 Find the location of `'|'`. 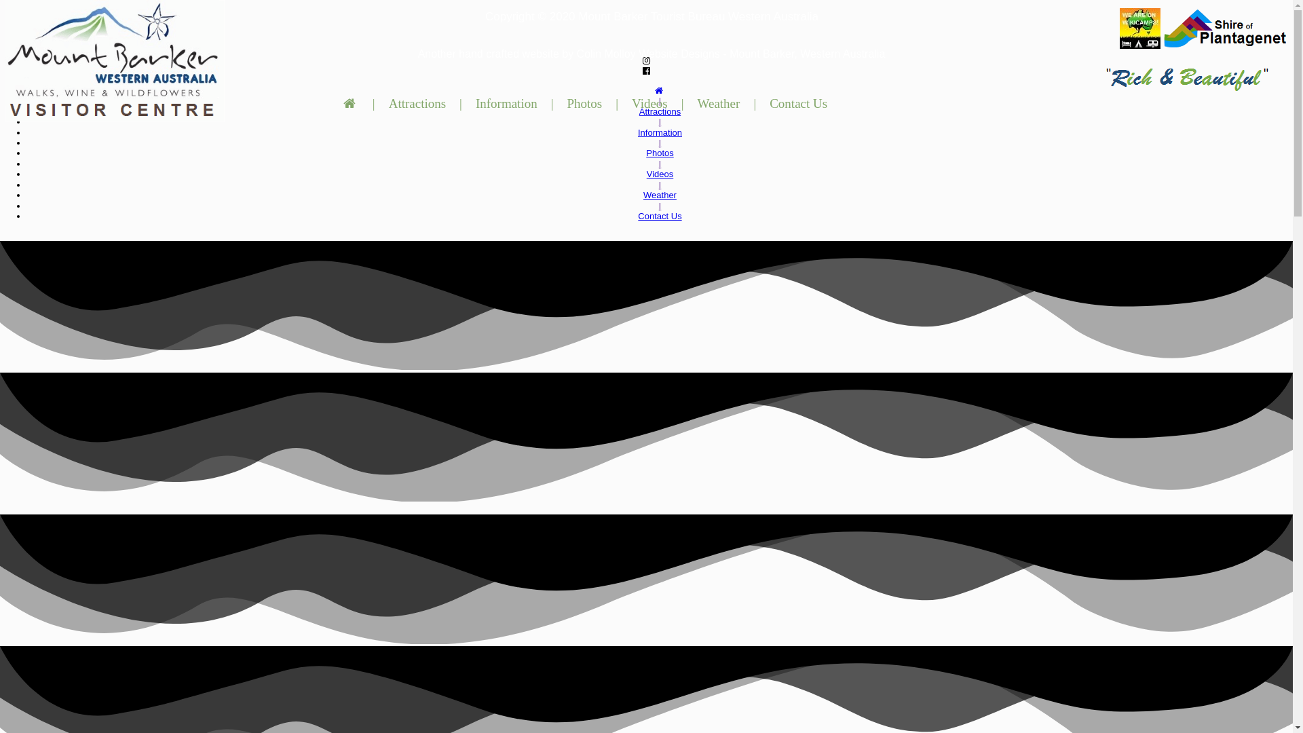

'|' is located at coordinates (683, 103).